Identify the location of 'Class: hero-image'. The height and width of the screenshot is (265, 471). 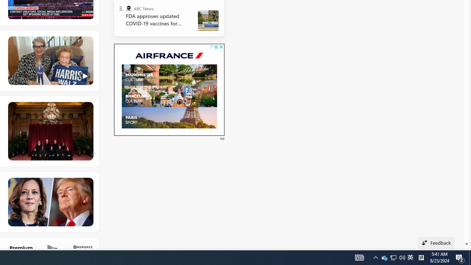
(50, 60).